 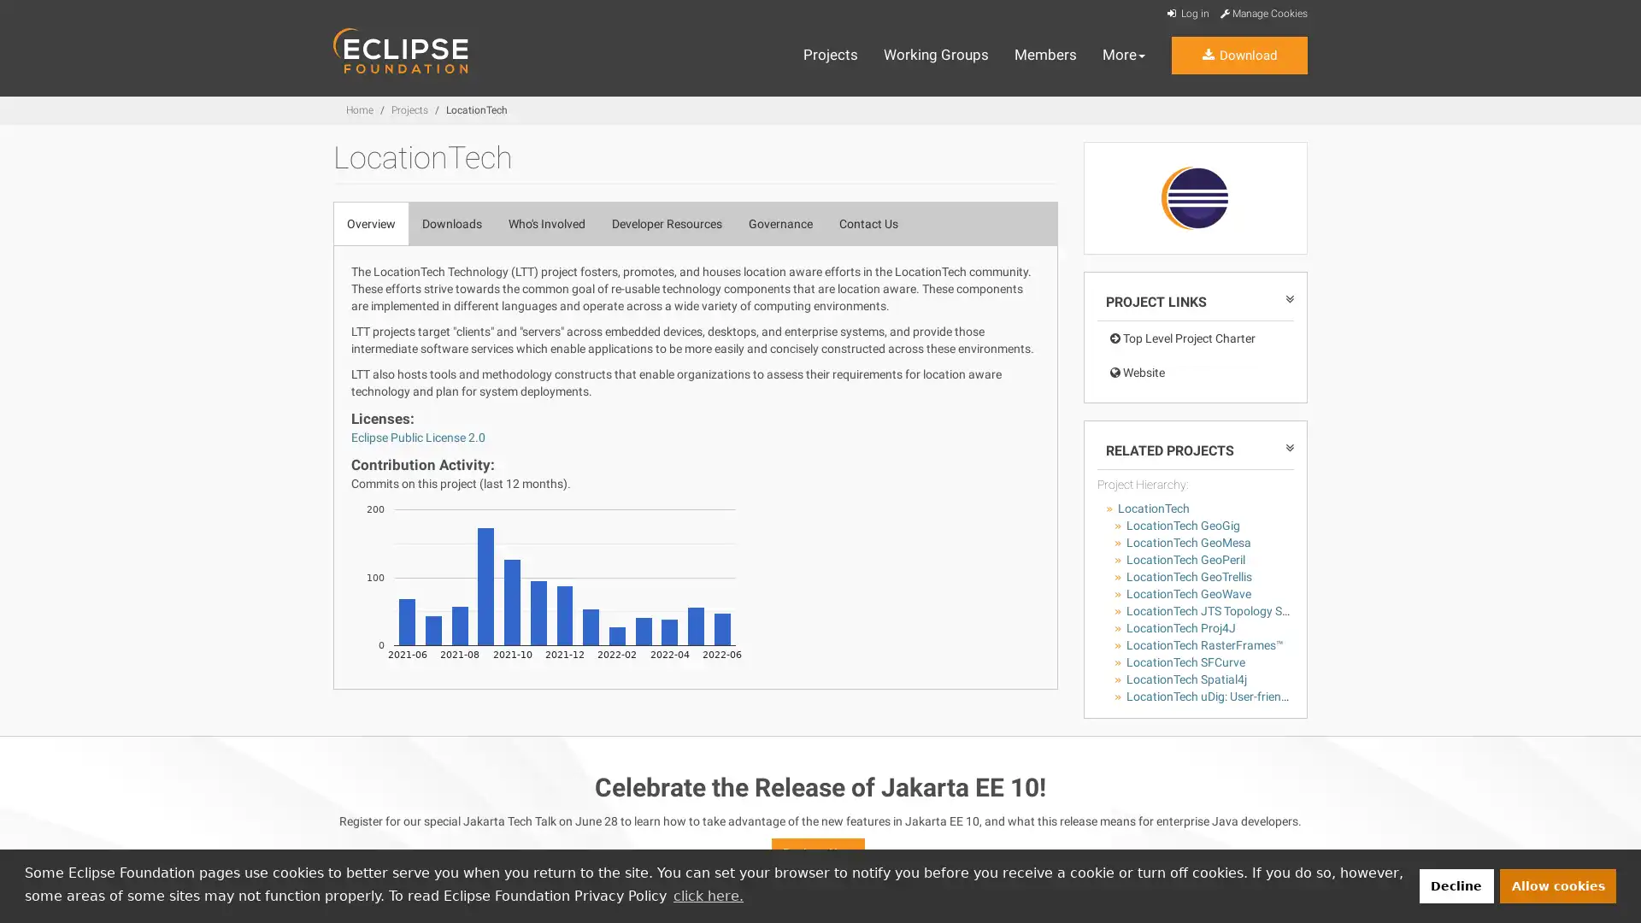 What do you see at coordinates (1455, 885) in the screenshot?
I see `deny cookies` at bounding box center [1455, 885].